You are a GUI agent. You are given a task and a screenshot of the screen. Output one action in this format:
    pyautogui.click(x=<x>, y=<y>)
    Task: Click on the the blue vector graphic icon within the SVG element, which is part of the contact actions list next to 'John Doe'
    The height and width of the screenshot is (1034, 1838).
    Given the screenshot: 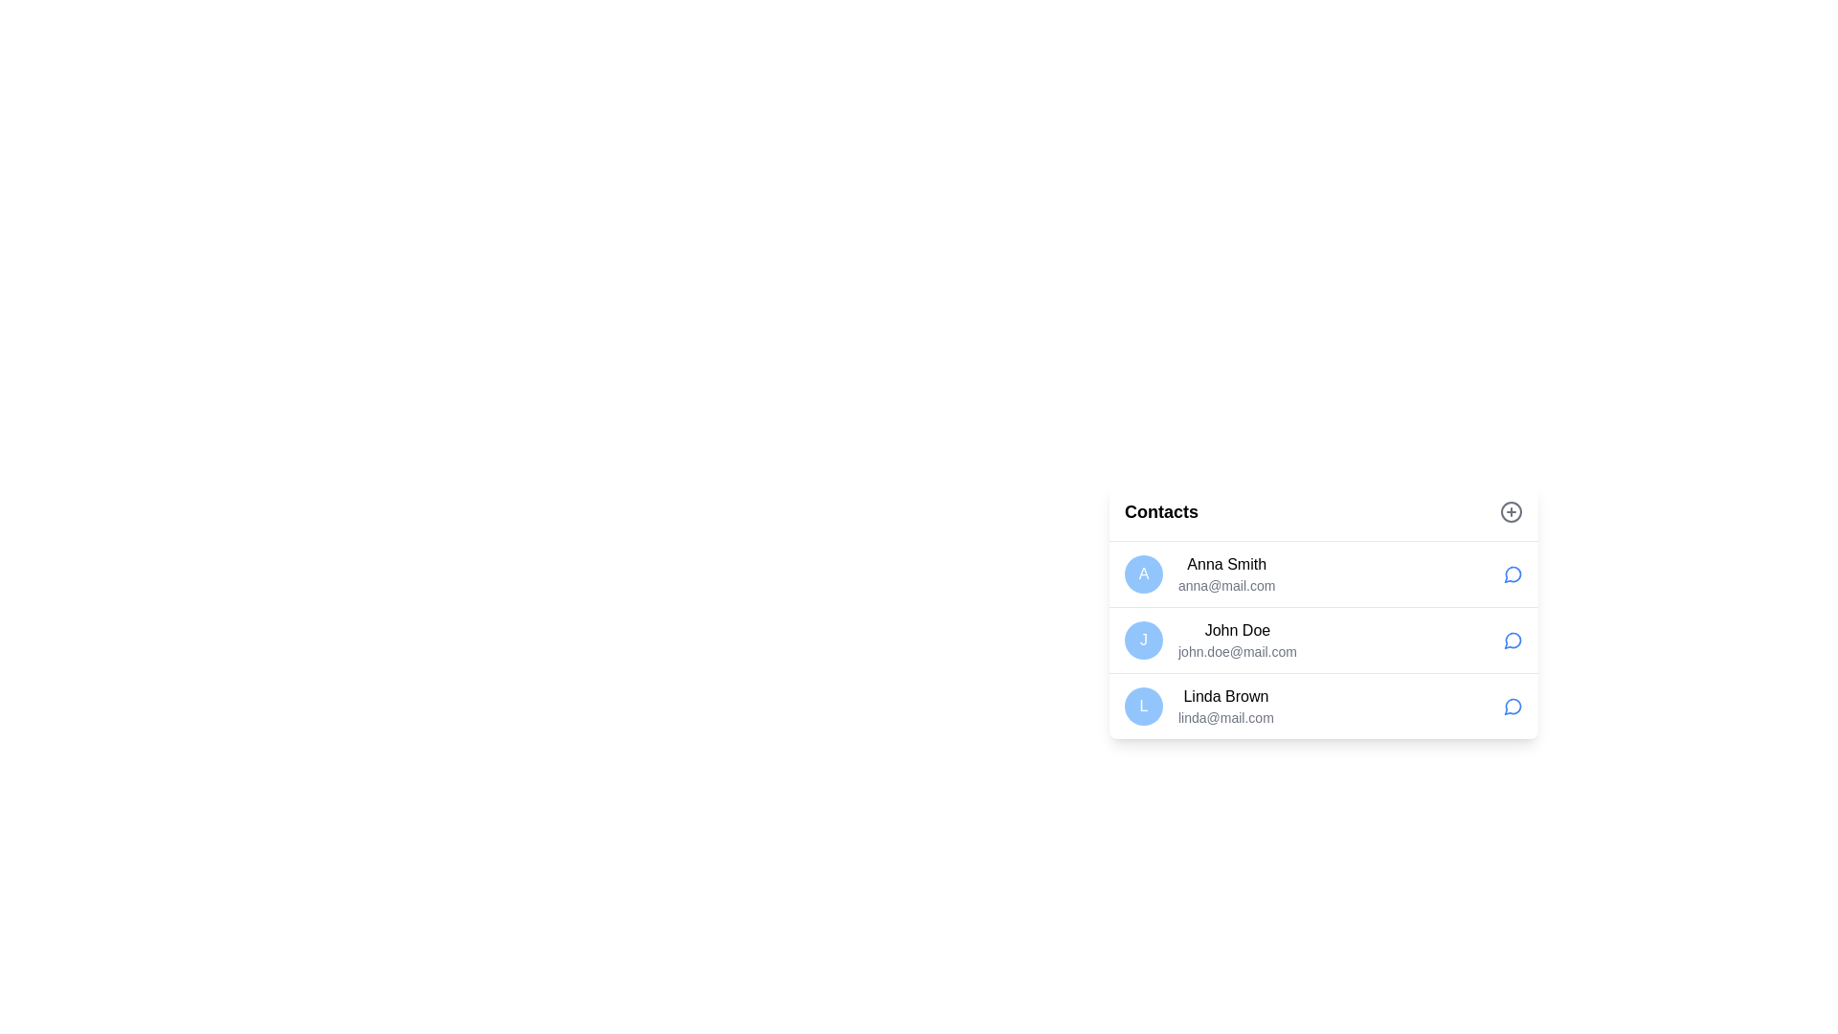 What is the action you would take?
    pyautogui.click(x=1512, y=641)
    